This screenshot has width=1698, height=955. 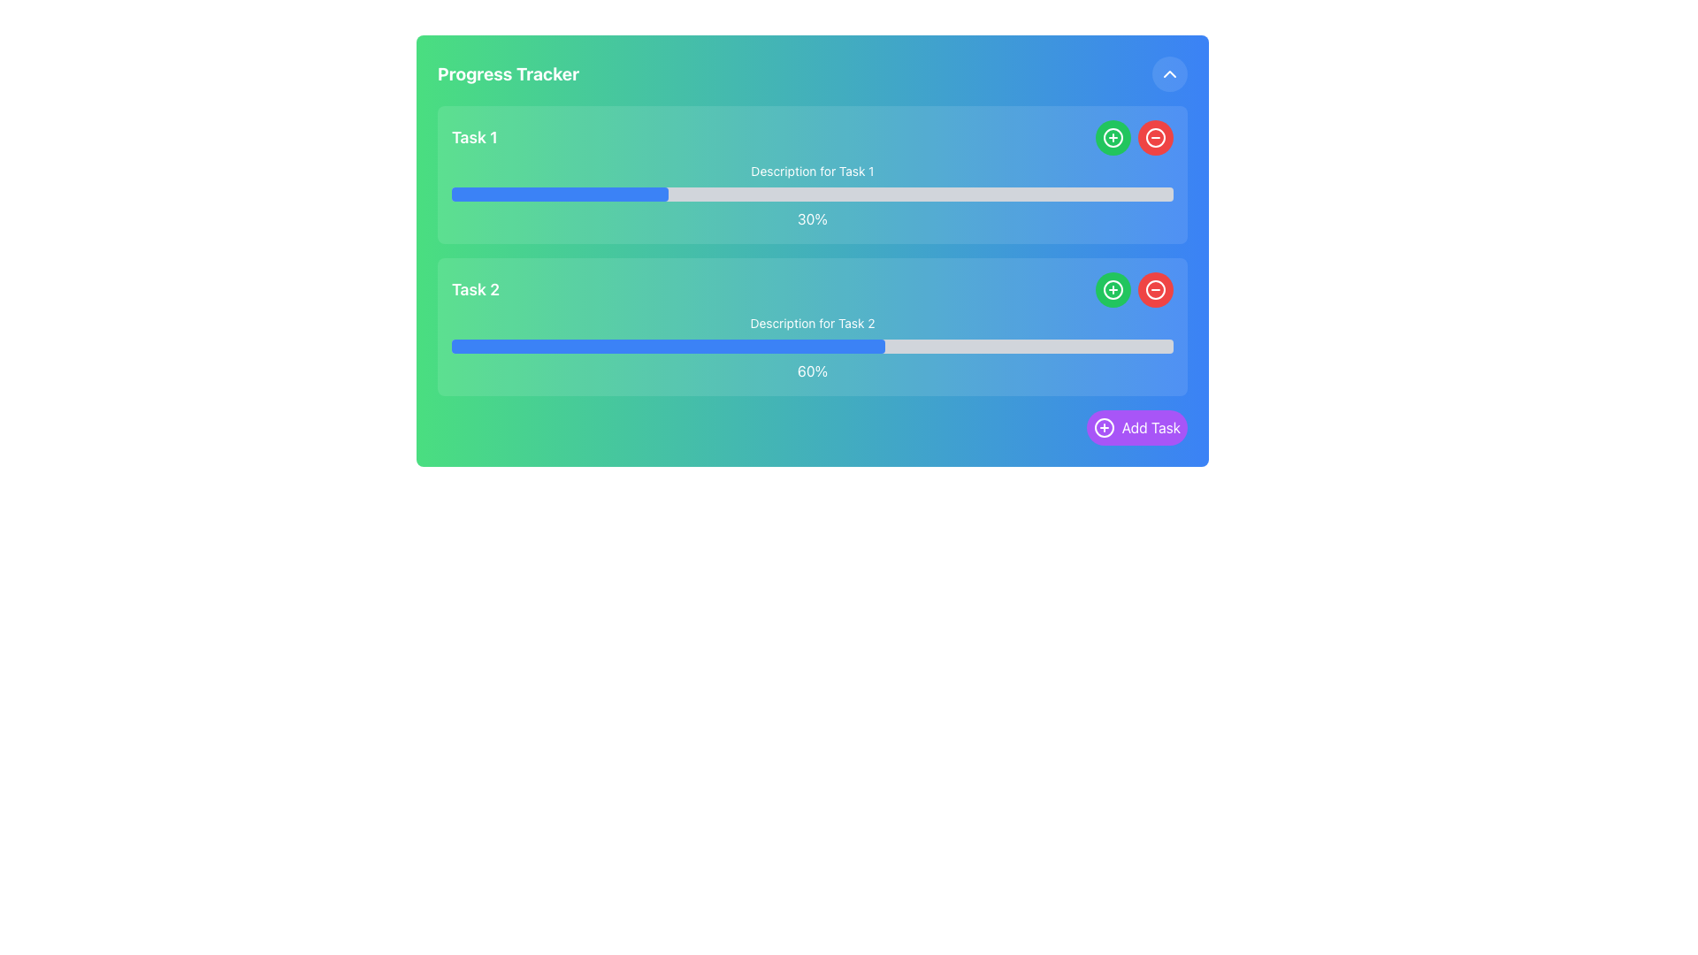 I want to click on the red circular button with a white minus sign at the far right of the task's row to initiate the removal of the task, so click(x=1155, y=288).